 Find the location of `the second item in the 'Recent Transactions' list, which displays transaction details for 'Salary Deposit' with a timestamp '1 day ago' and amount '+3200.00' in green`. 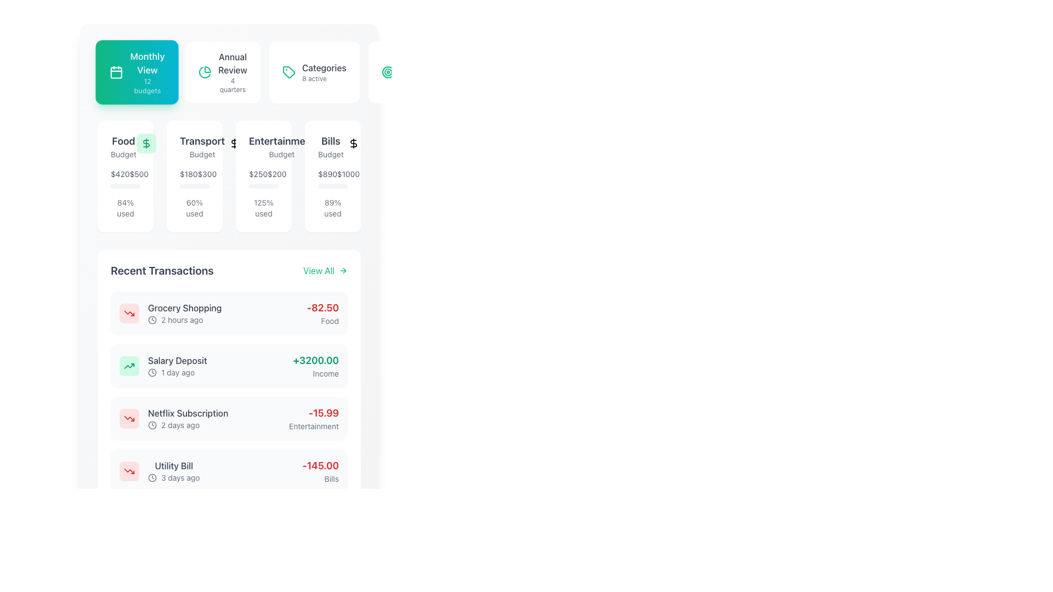

the second item in the 'Recent Transactions' list, which displays transaction details for 'Salary Deposit' with a timestamp '1 day ago' and amount '+3200.00' in green is located at coordinates (228, 366).